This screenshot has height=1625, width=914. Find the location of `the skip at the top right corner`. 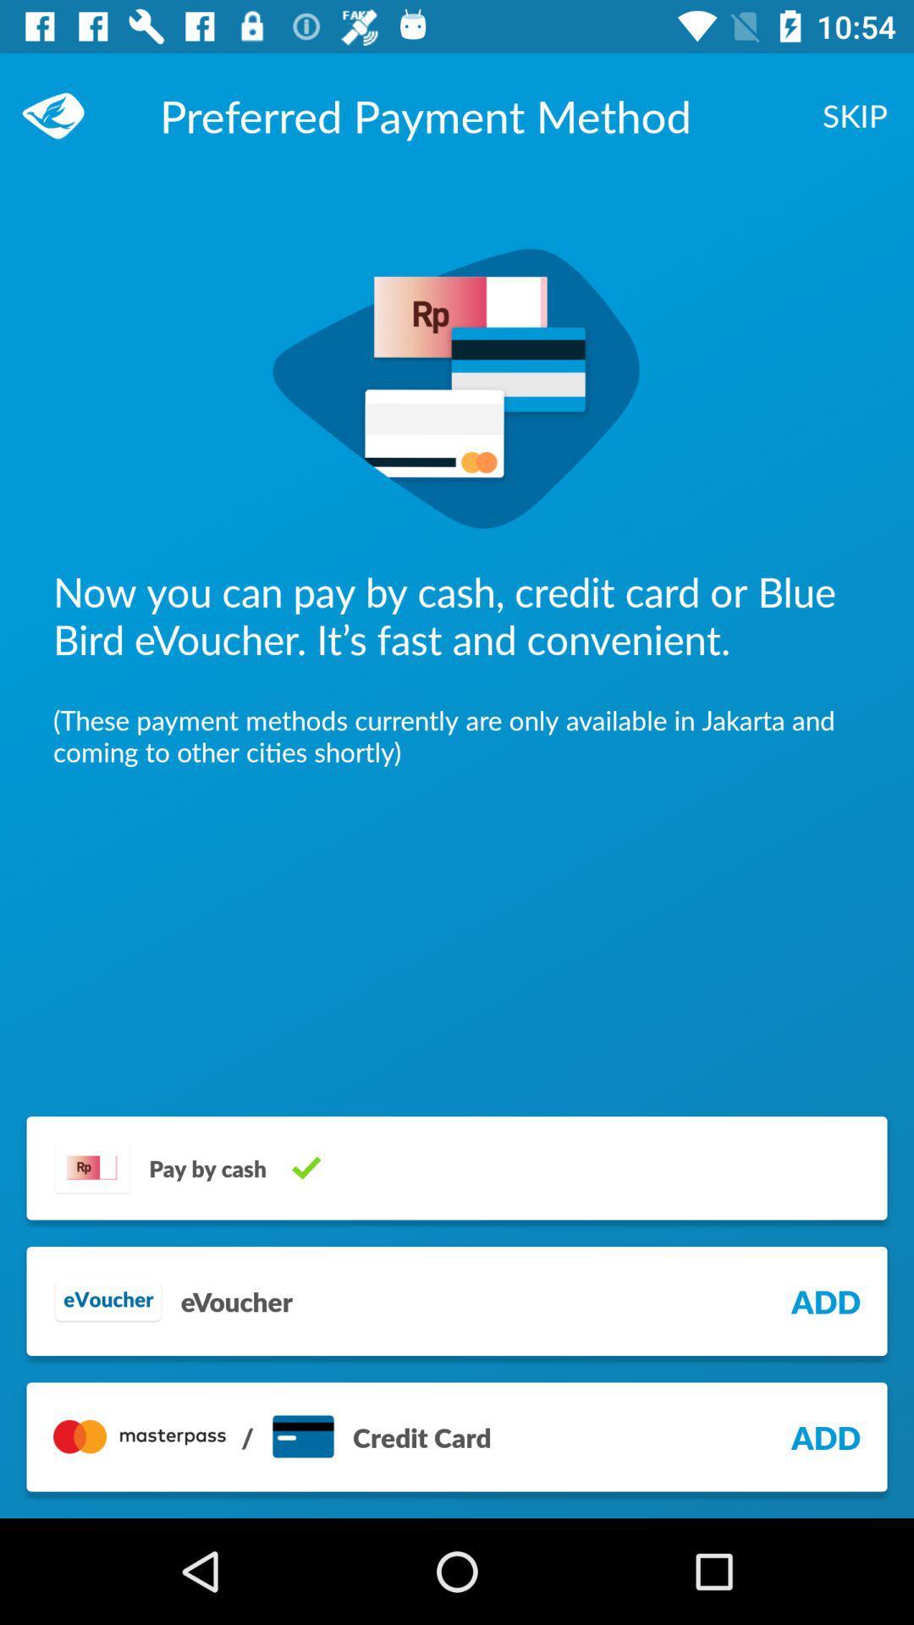

the skip at the top right corner is located at coordinates (855, 114).